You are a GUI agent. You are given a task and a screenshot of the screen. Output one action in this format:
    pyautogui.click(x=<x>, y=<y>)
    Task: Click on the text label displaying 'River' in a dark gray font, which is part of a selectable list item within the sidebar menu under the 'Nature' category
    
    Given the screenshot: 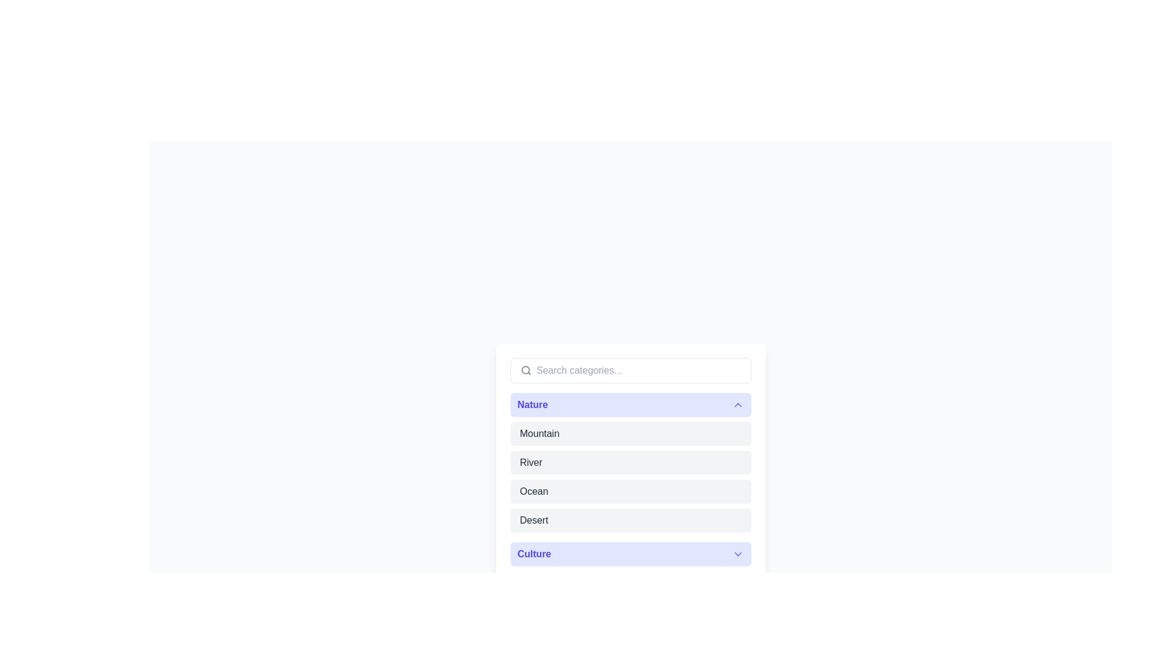 What is the action you would take?
    pyautogui.click(x=530, y=462)
    